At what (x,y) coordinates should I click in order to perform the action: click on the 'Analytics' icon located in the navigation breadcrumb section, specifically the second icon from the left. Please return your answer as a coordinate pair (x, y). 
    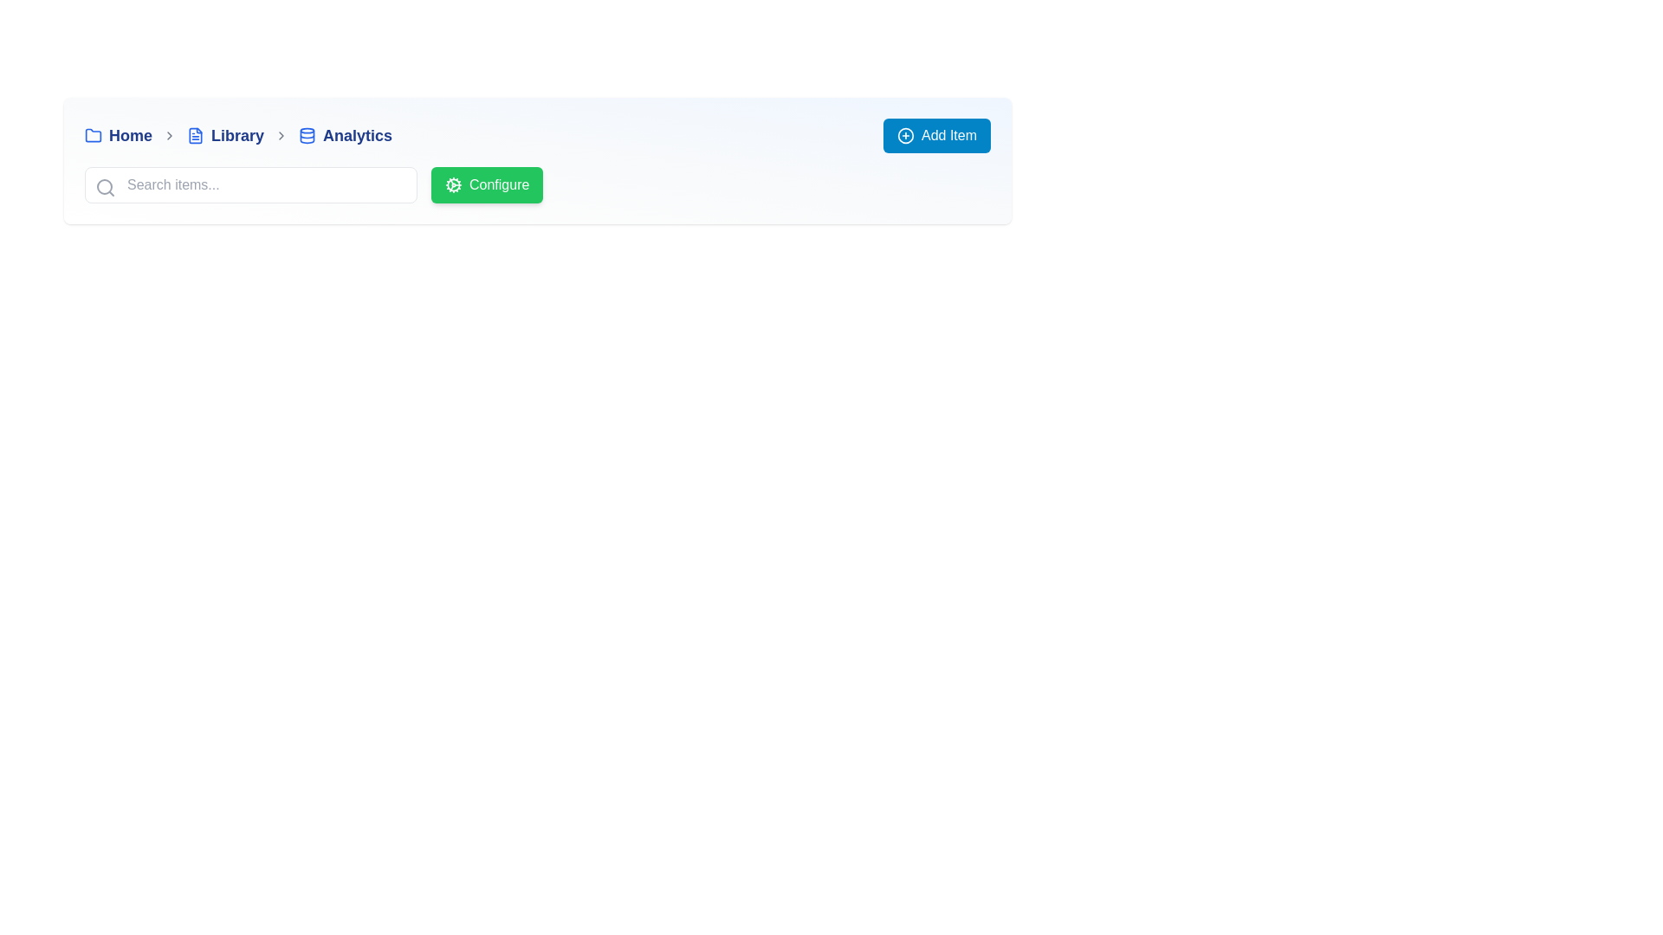
    Looking at the image, I should click on (307, 135).